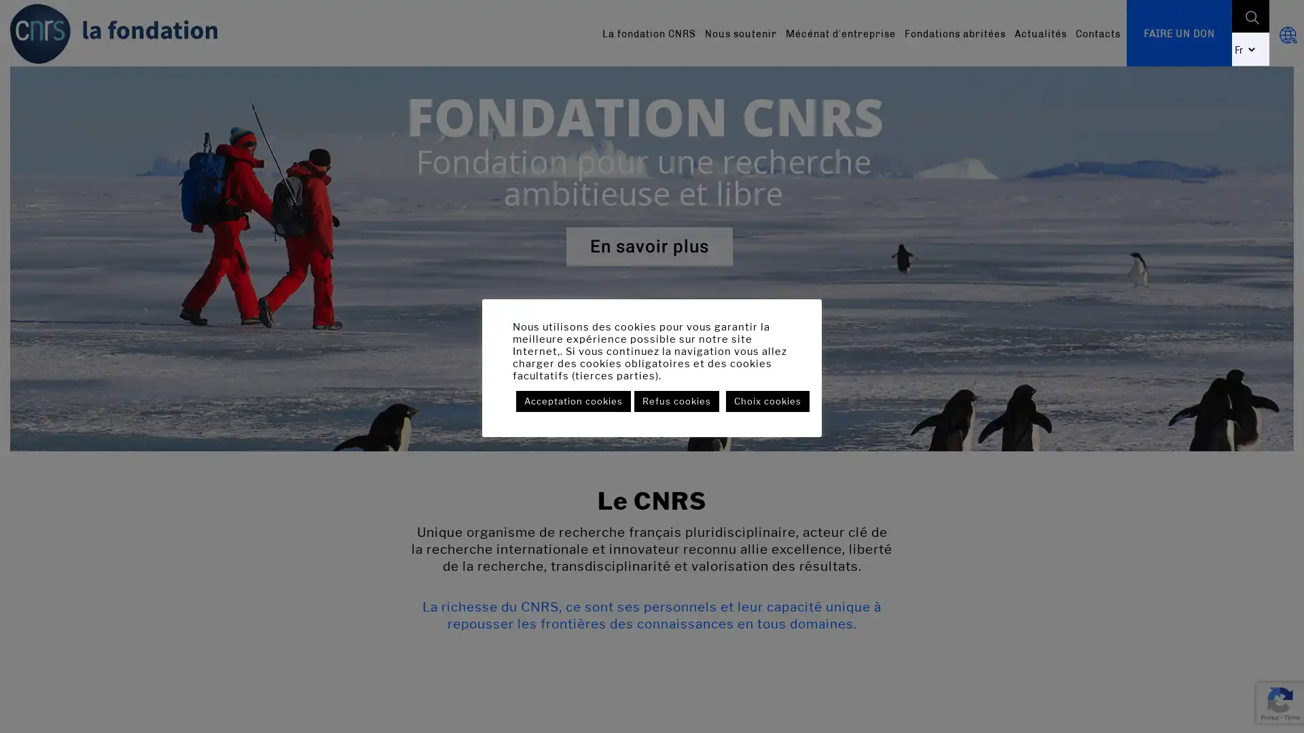 Image resolution: width=1304 pixels, height=733 pixels. I want to click on Refus cookies, so click(676, 400).